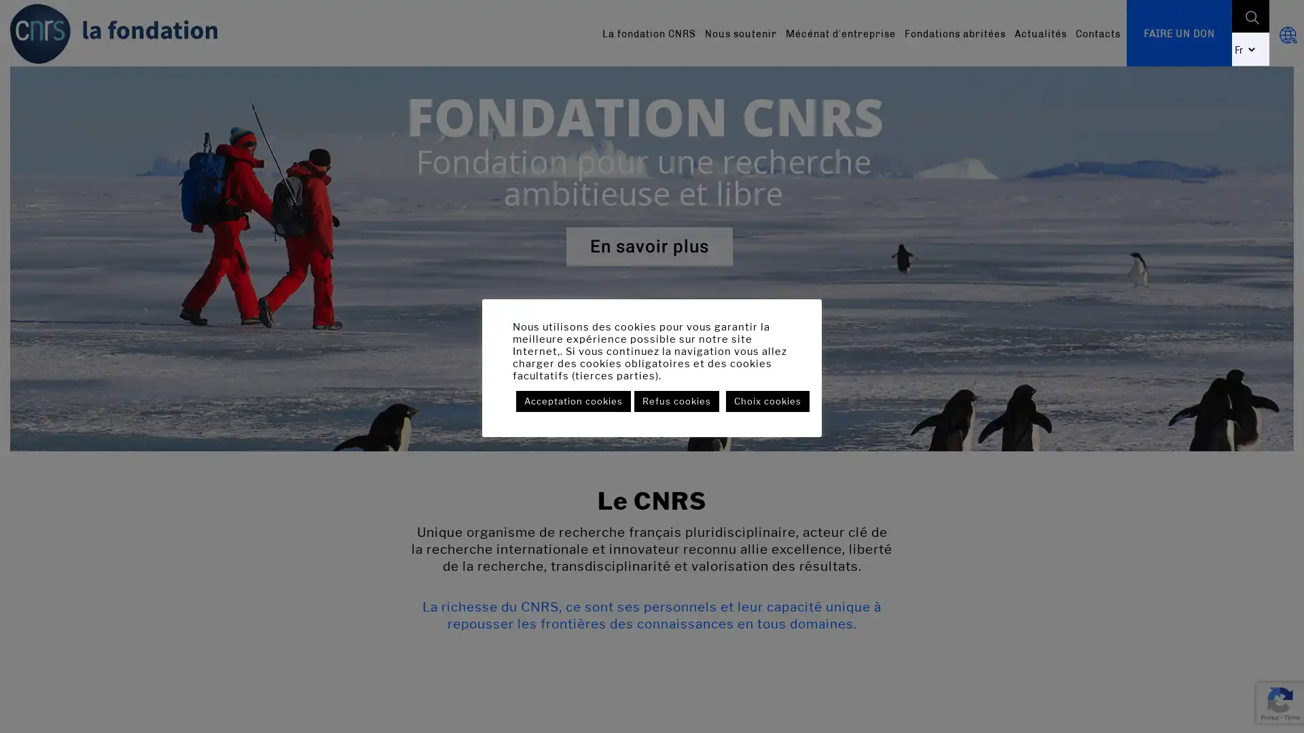 Image resolution: width=1304 pixels, height=733 pixels. I want to click on Refus cookies, so click(676, 400).